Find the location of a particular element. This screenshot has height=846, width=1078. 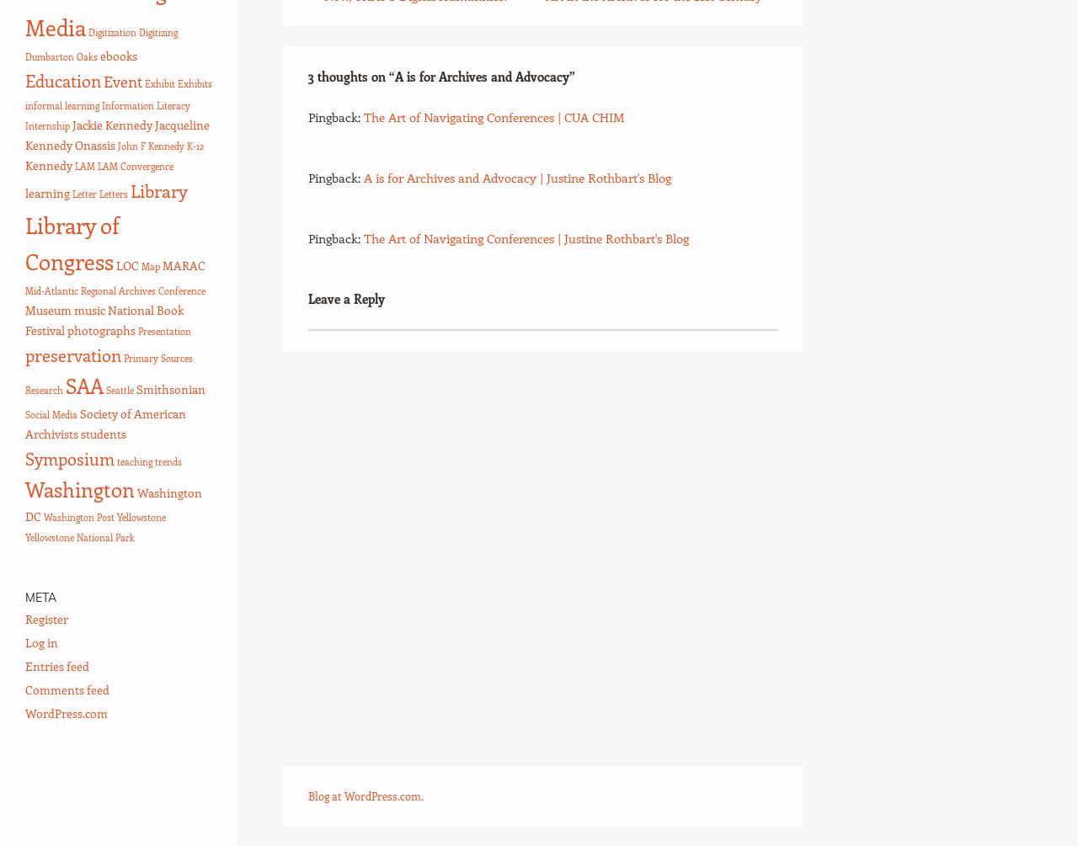

'Event' is located at coordinates (122, 81).